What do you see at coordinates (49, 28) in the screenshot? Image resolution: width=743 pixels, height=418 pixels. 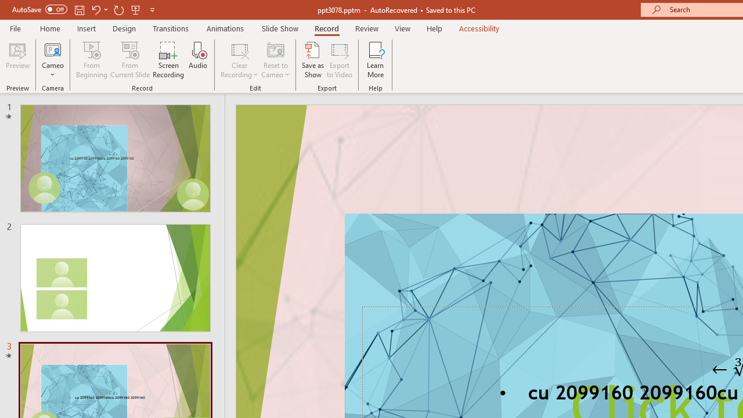 I see `'Home'` at bounding box center [49, 28].